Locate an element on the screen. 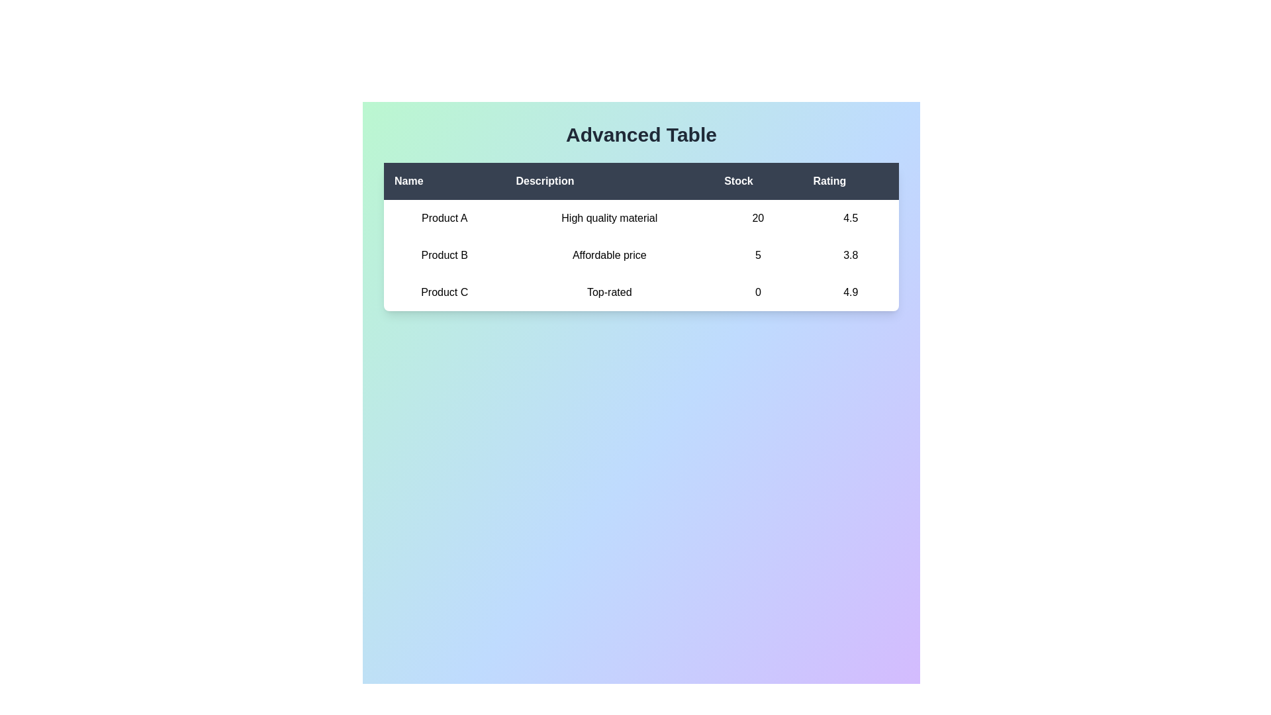  numeric label displaying the value '0' located in the third row of the table under the 'Stock' column is located at coordinates (758, 292).